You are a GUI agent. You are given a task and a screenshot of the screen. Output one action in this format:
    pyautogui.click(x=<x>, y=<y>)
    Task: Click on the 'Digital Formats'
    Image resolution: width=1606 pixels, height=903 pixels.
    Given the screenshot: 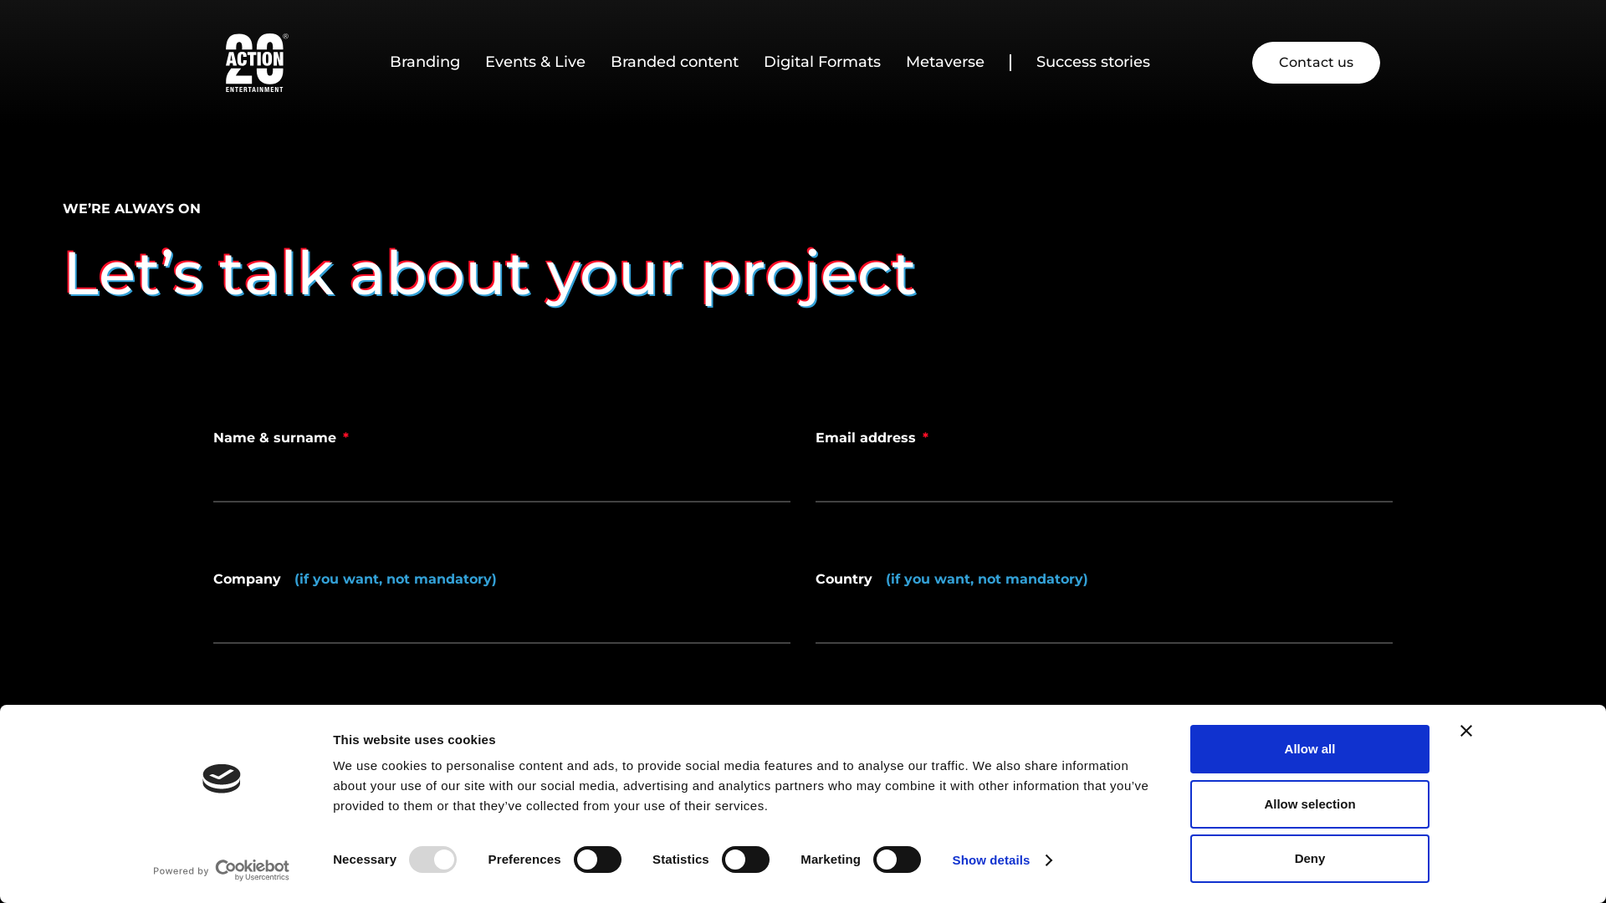 What is the action you would take?
    pyautogui.click(x=821, y=61)
    